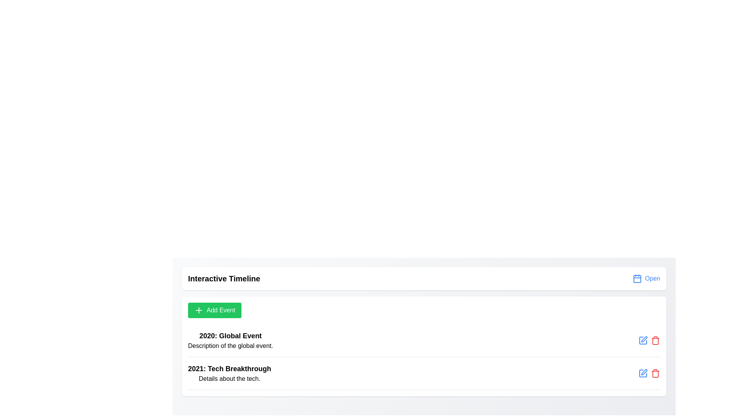 This screenshot has height=418, width=743. What do you see at coordinates (646, 279) in the screenshot?
I see `the 'Open' button in the header of the InteractiveTimeline component` at bounding box center [646, 279].